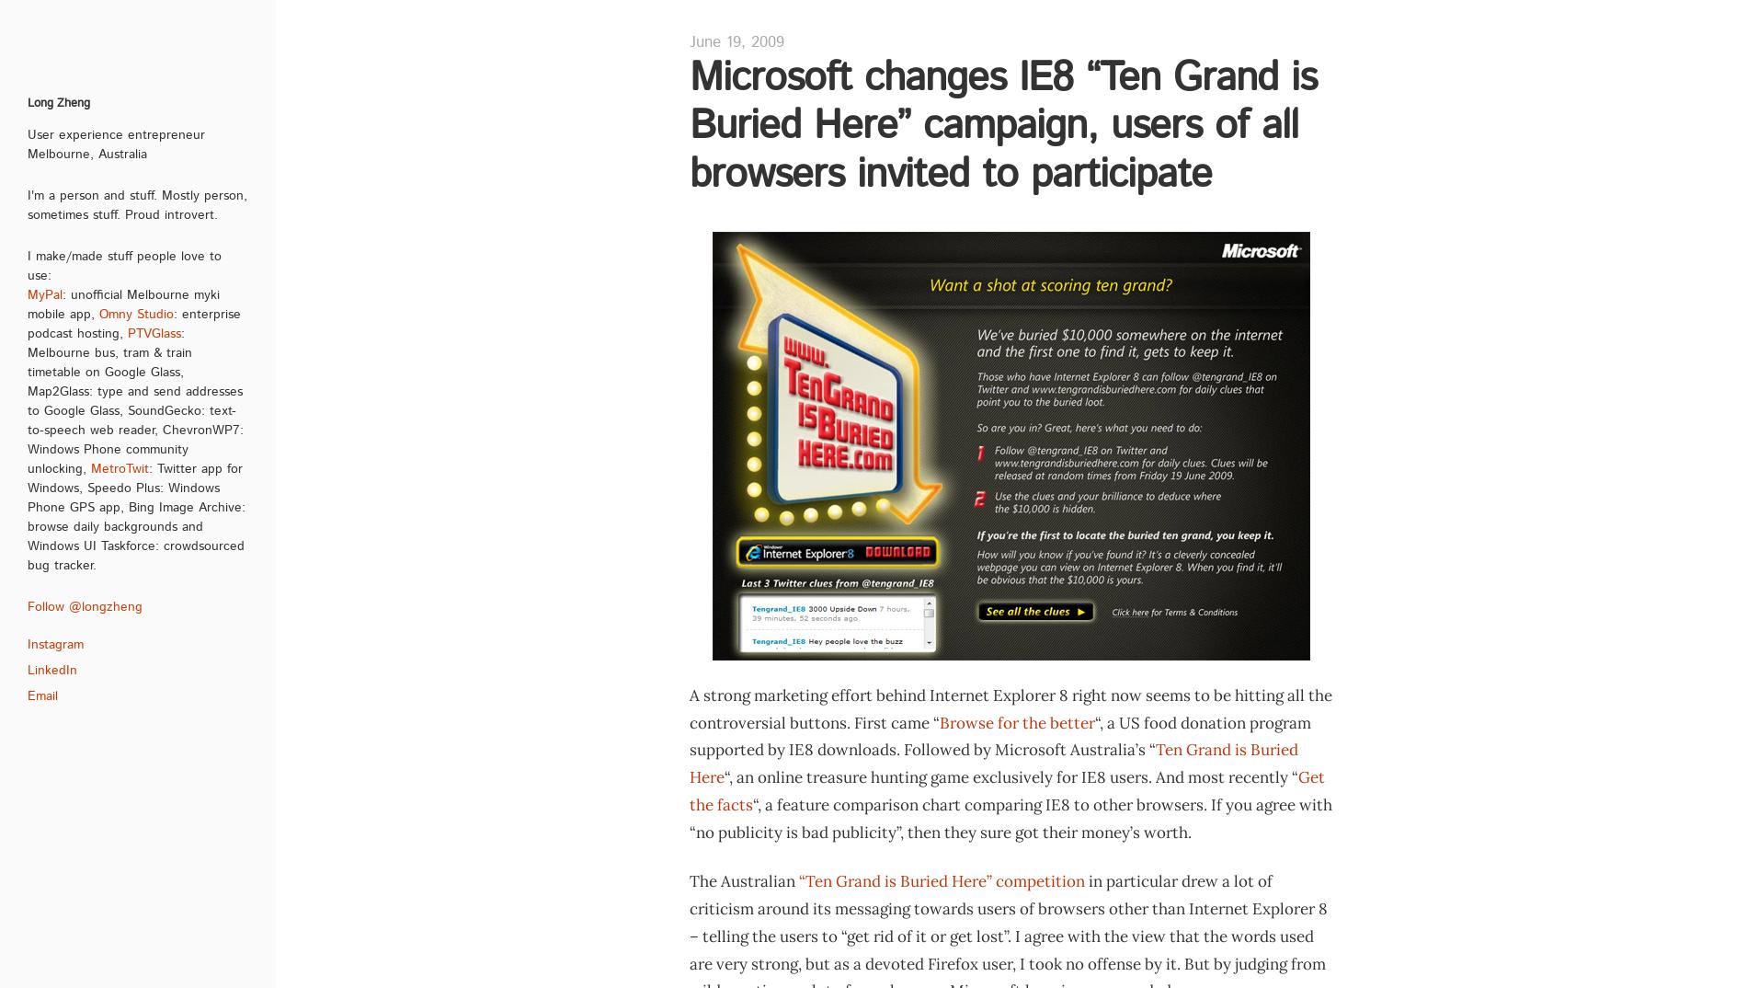 This screenshot has width=1747, height=988. I want to click on 'Follow @longzheng', so click(85, 605).